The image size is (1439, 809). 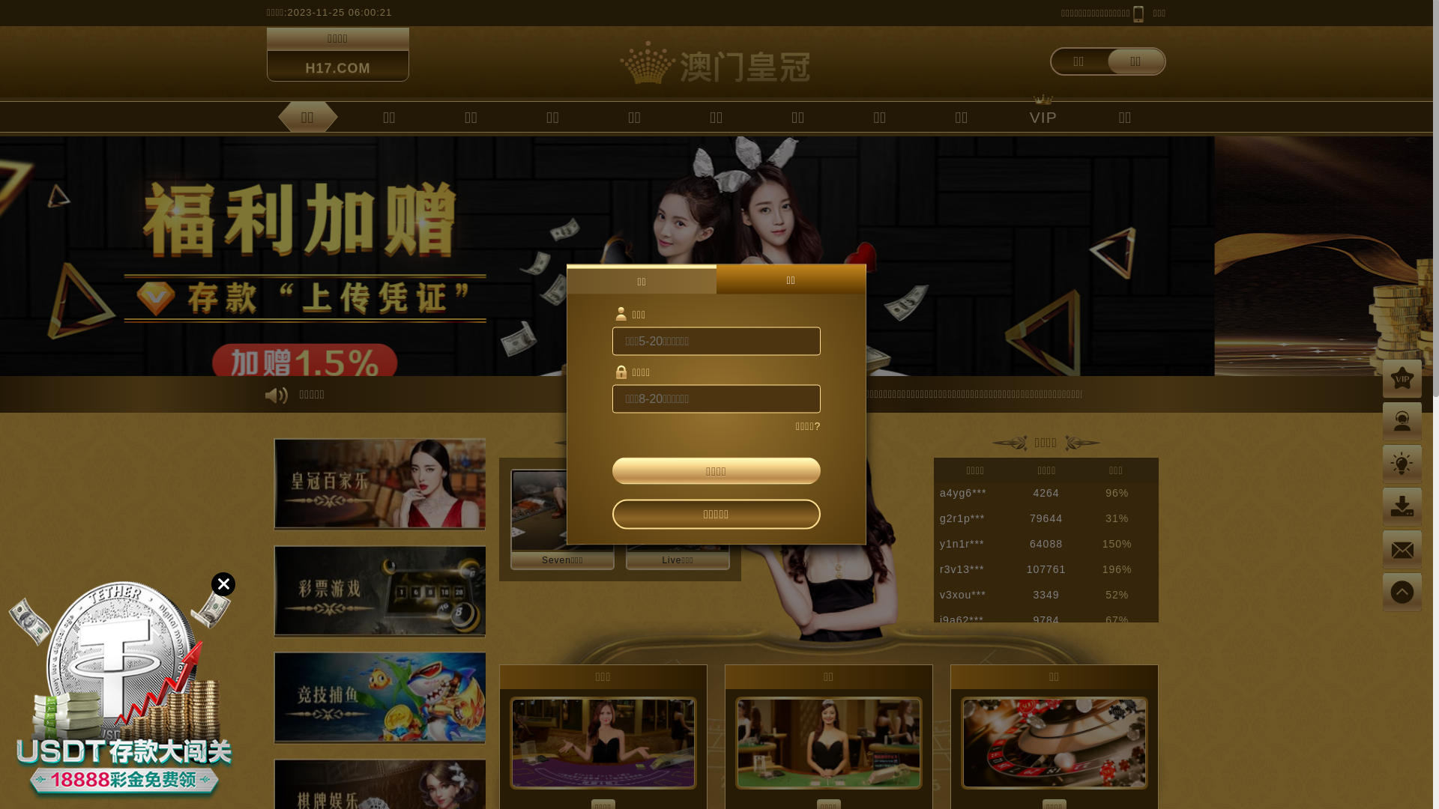 I want to click on 'VIP', so click(x=1013, y=115).